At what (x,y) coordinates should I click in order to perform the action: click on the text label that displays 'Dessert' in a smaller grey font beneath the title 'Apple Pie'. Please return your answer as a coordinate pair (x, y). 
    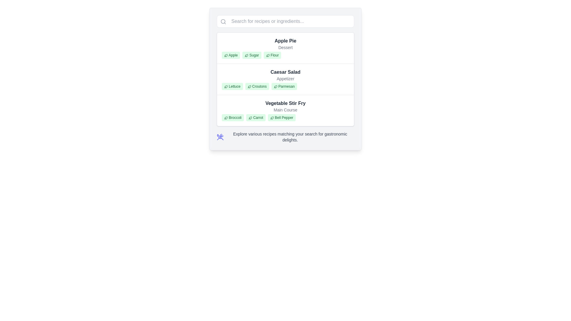
    Looking at the image, I should click on (285, 47).